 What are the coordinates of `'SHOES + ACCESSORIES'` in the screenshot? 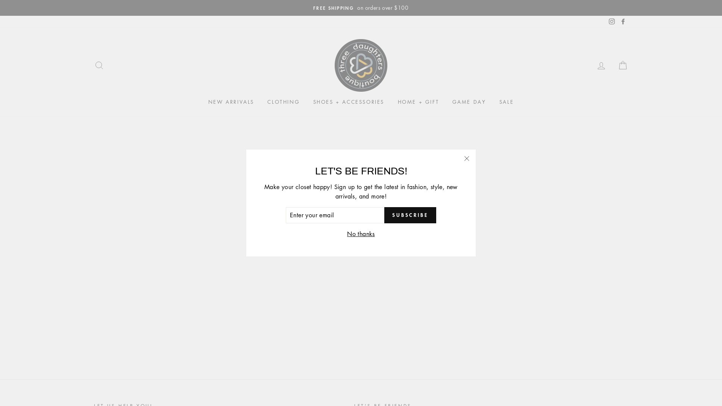 It's located at (348, 102).